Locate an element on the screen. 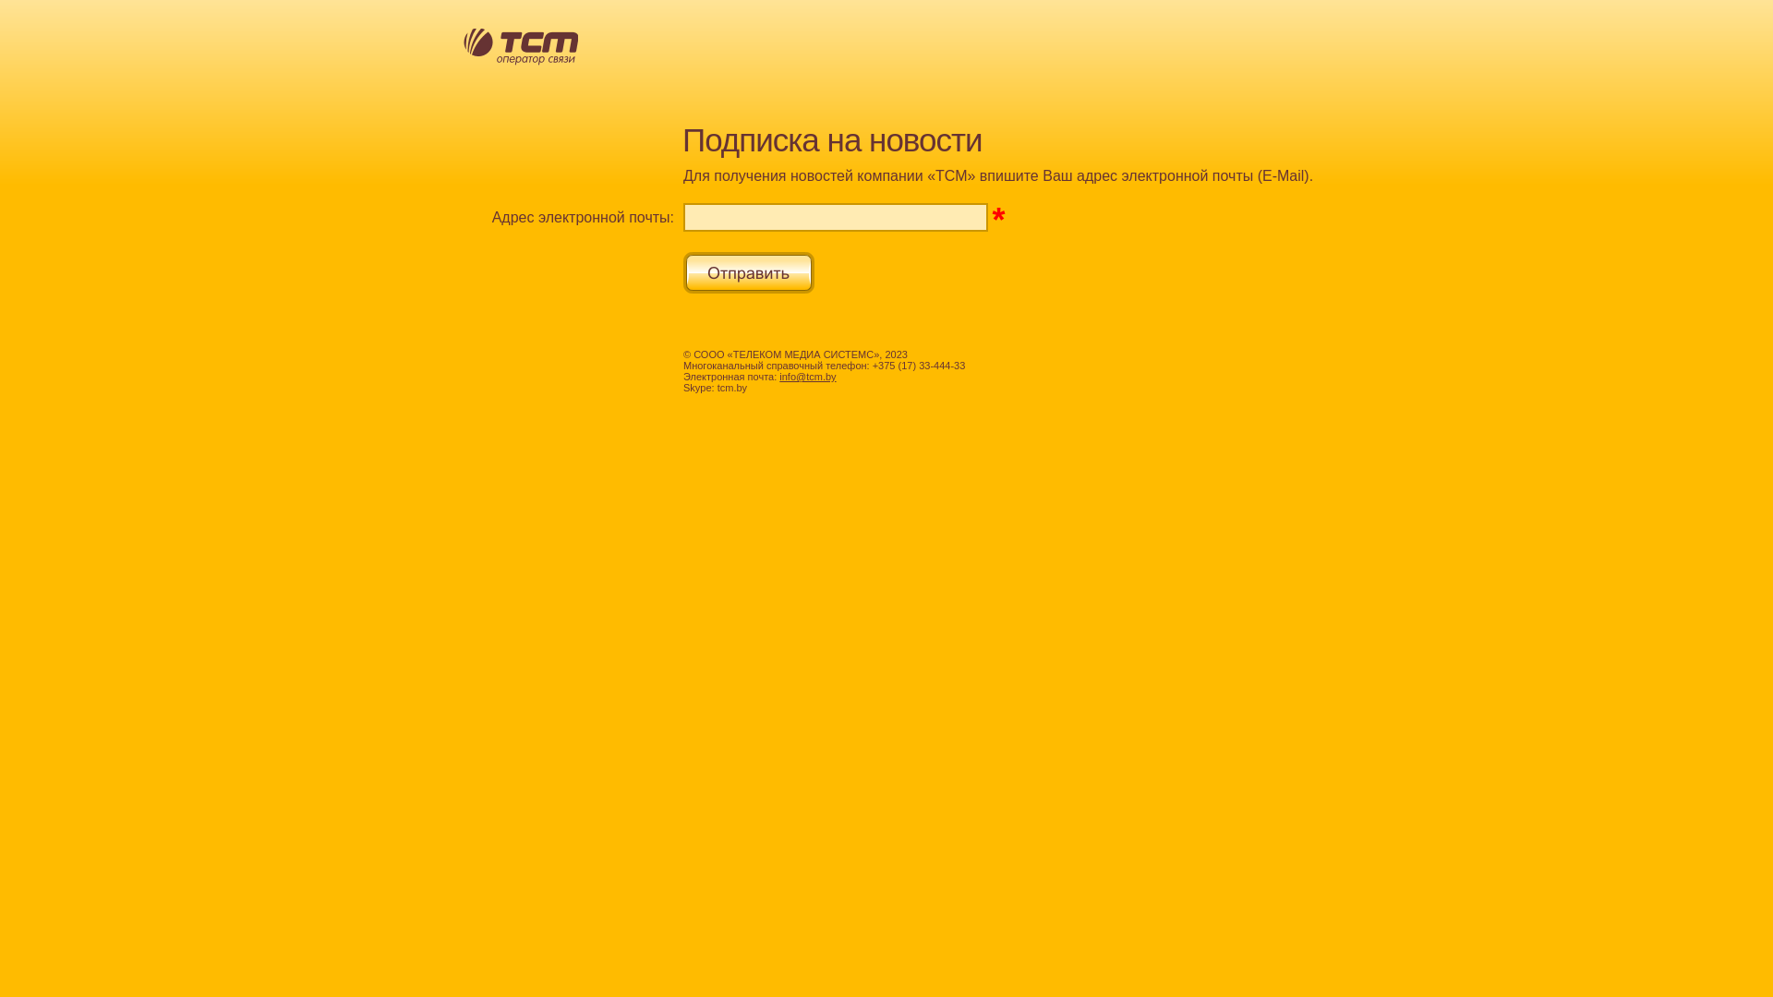  'info@tcm.by' is located at coordinates (807, 376).